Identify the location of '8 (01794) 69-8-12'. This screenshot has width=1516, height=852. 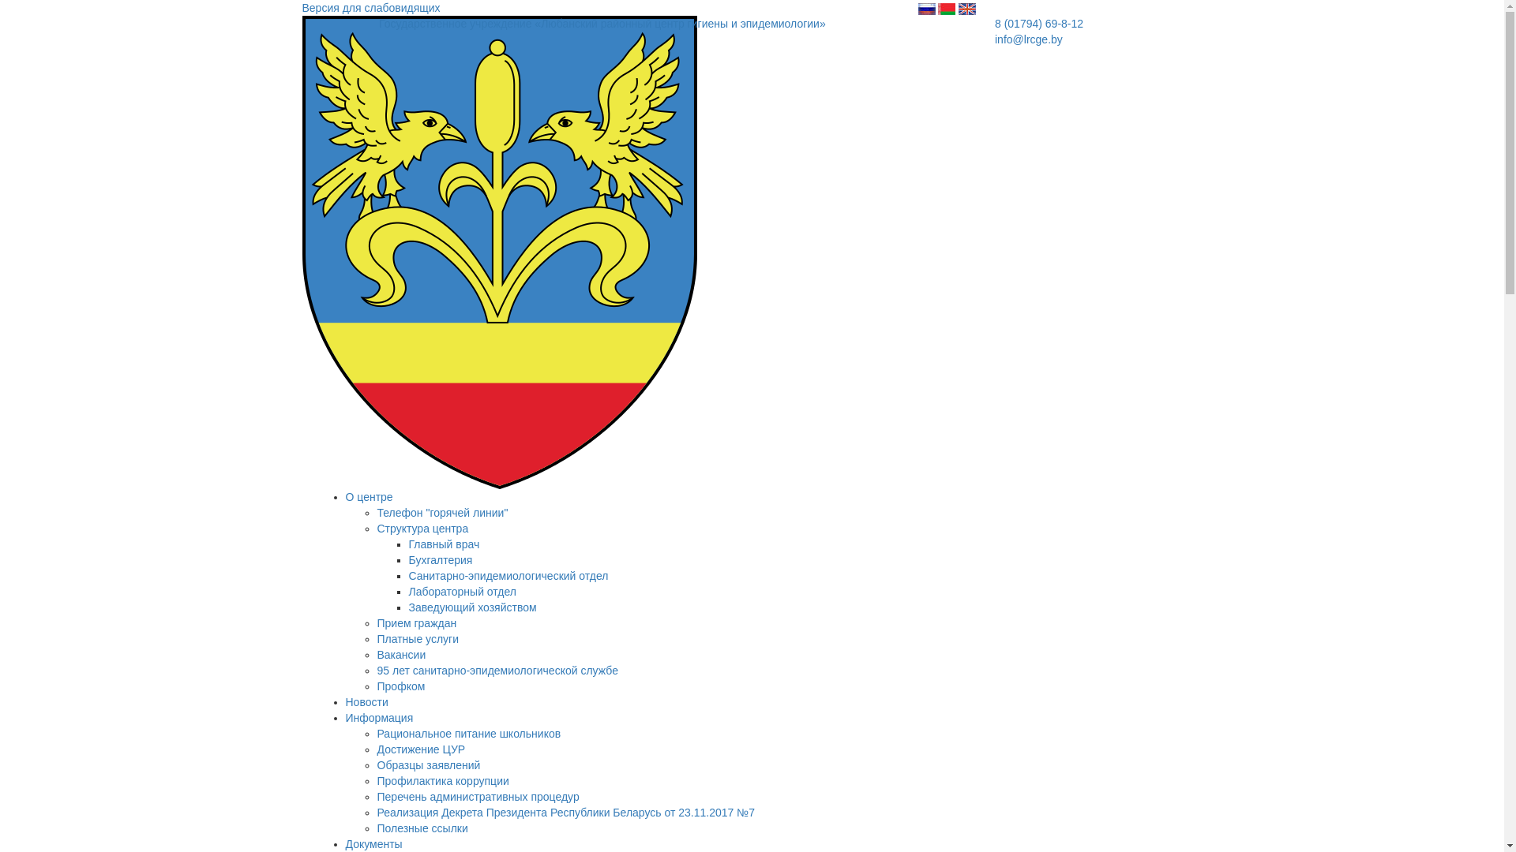
(1038, 24).